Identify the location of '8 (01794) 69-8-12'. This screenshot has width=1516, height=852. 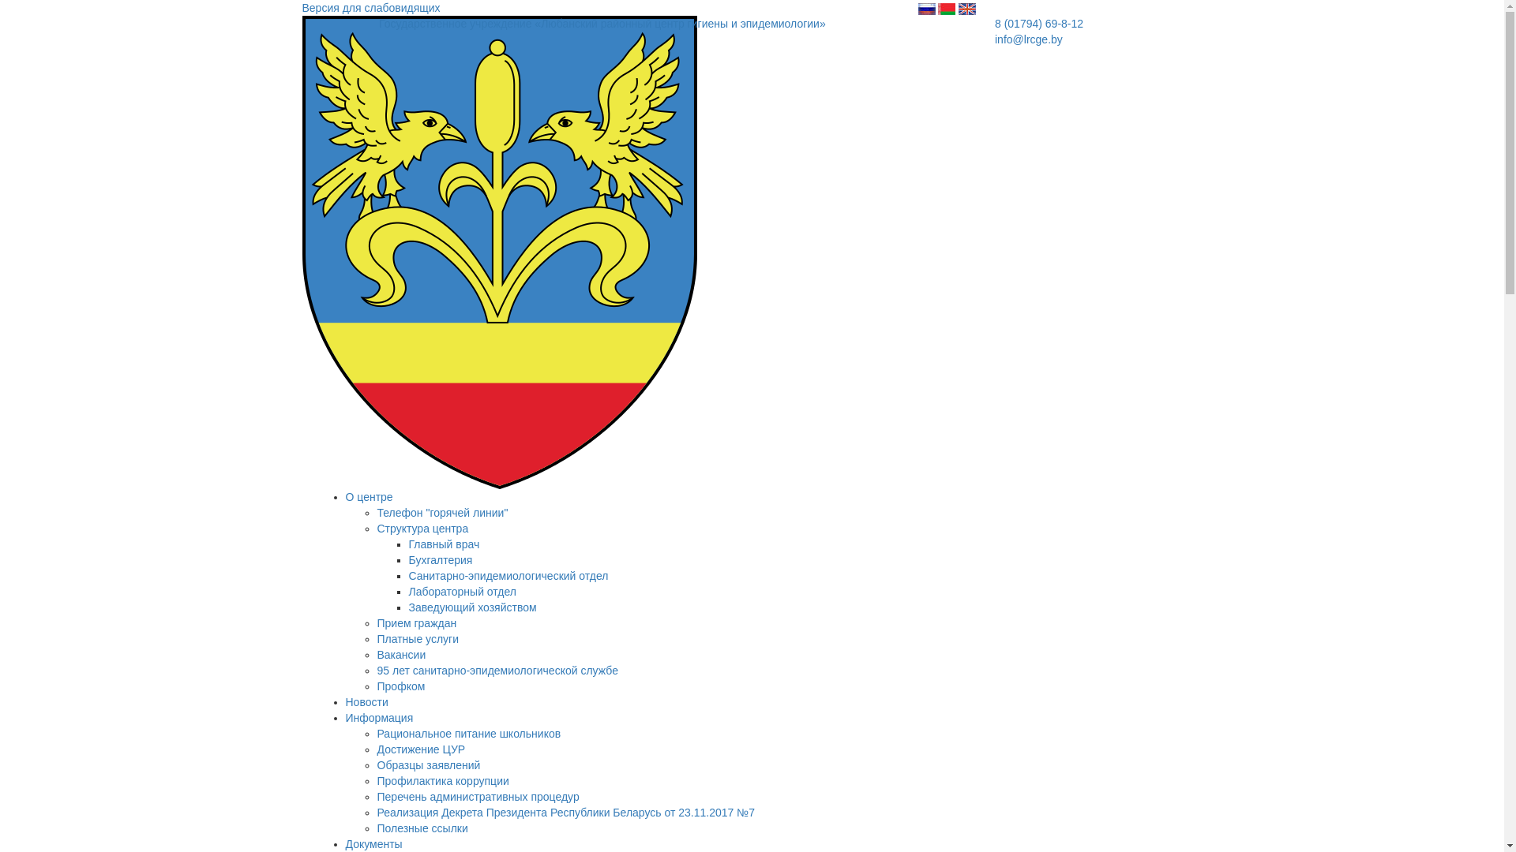
(1038, 24).